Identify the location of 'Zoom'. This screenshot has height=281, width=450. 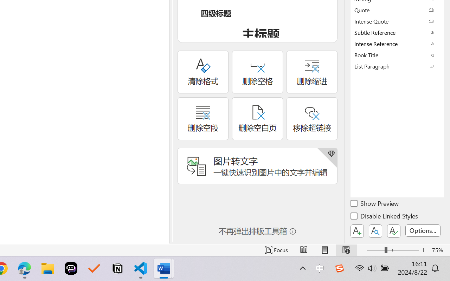
(392, 250).